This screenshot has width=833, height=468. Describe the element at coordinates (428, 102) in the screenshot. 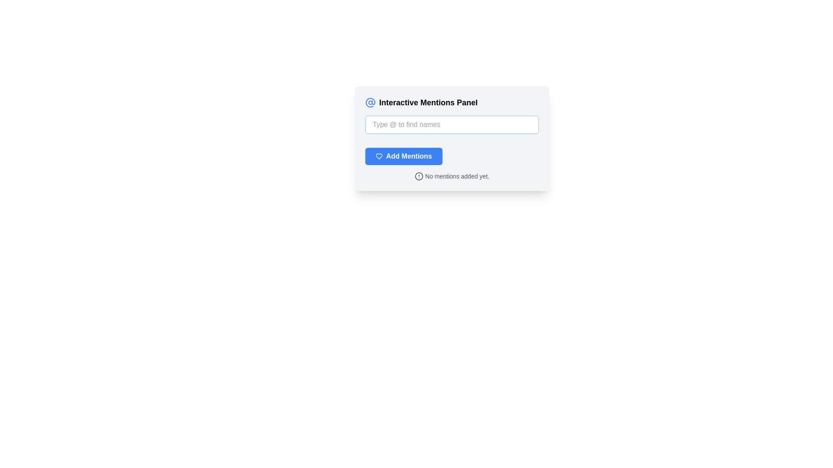

I see `the Text Label element displaying 'Interactive Mentions Panel', which is prominently positioned above the input field and centered in the interface` at that location.